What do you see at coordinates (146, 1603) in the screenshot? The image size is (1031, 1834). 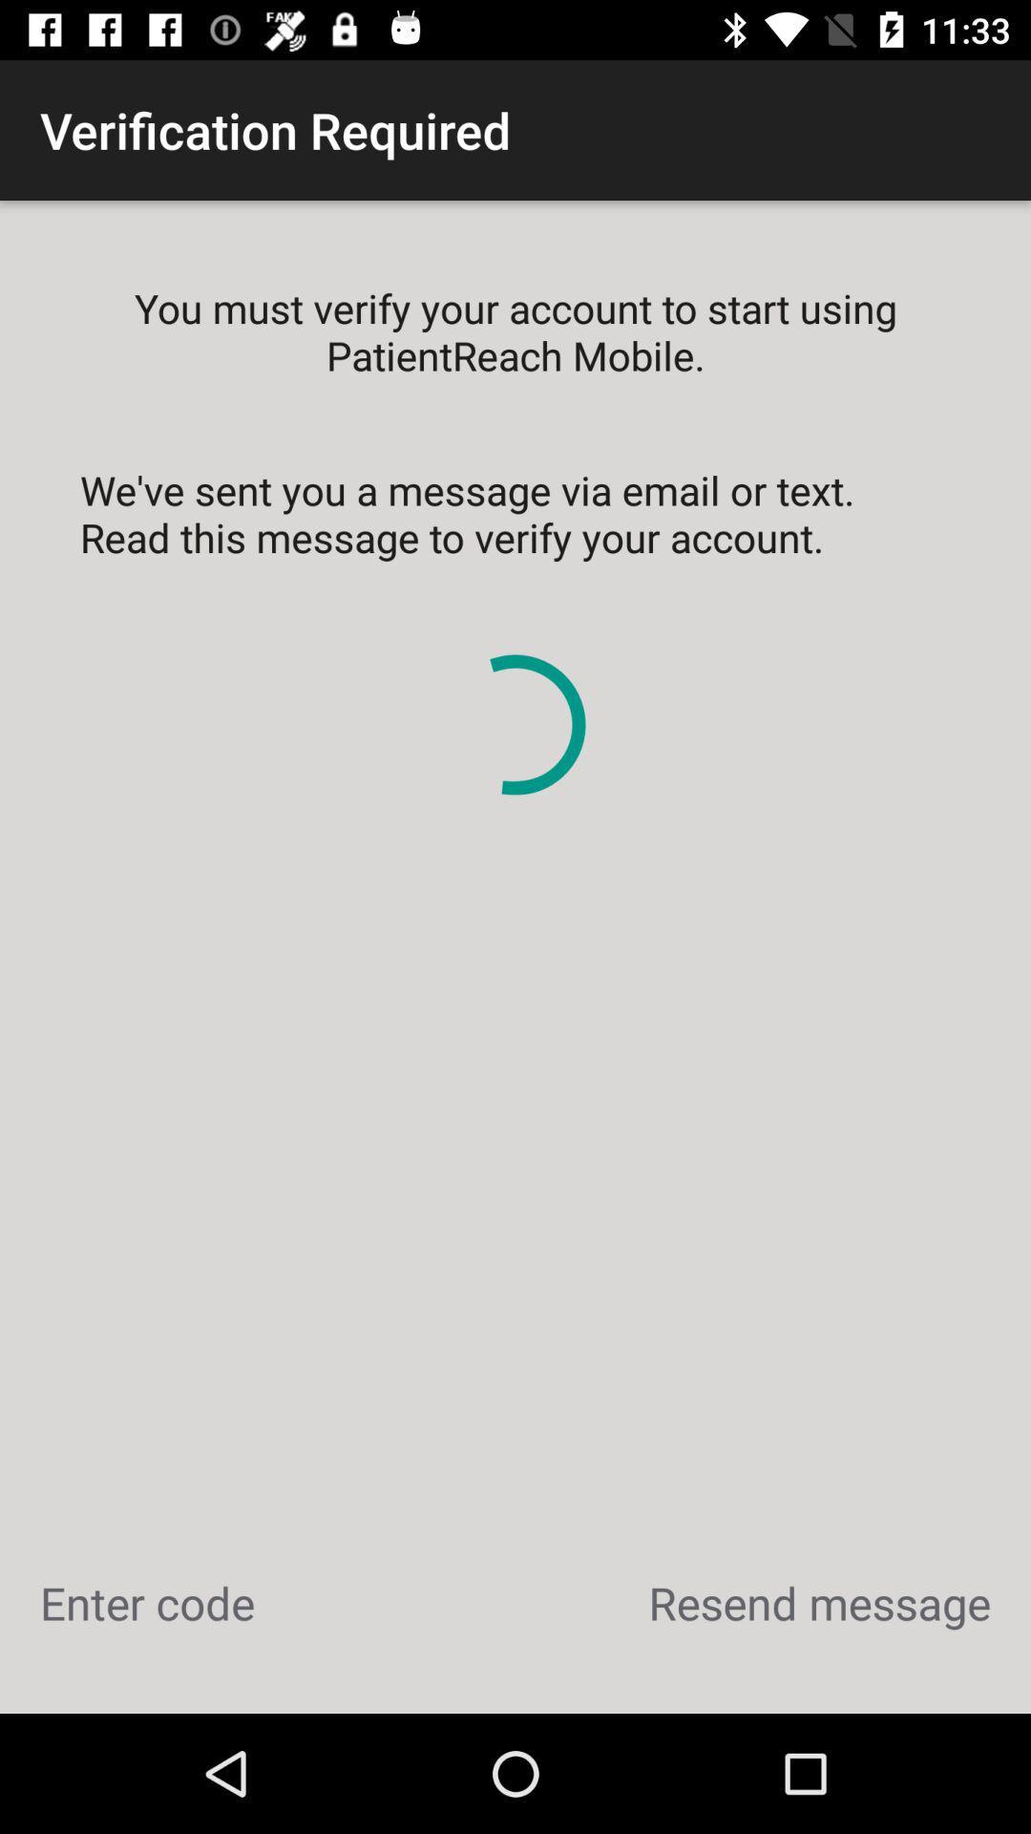 I see `icon at the bottom left corner` at bounding box center [146, 1603].